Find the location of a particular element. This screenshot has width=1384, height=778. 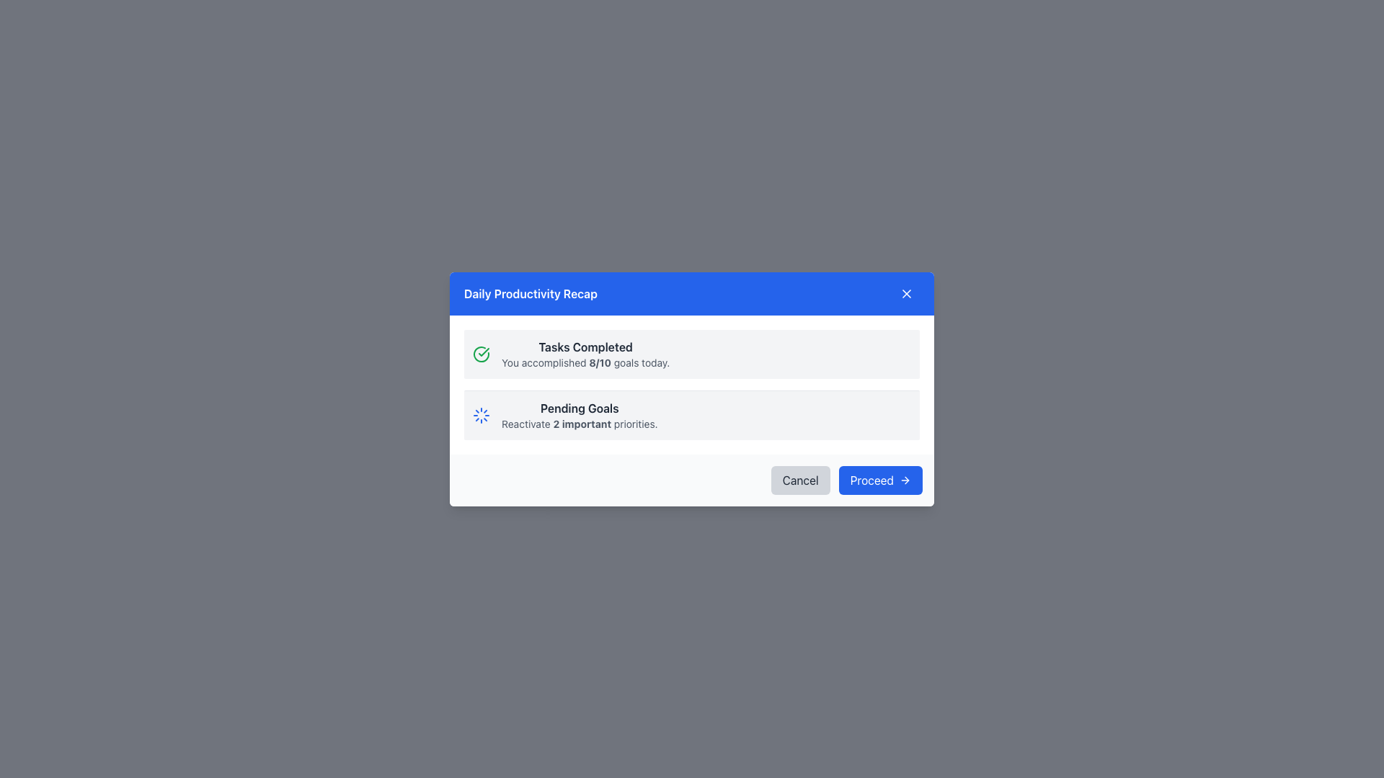

the loading indicator icon located at the top-left of the 'Pending Goals' section, which is positioned below the 'Tasks Completed' row is located at coordinates (481, 414).